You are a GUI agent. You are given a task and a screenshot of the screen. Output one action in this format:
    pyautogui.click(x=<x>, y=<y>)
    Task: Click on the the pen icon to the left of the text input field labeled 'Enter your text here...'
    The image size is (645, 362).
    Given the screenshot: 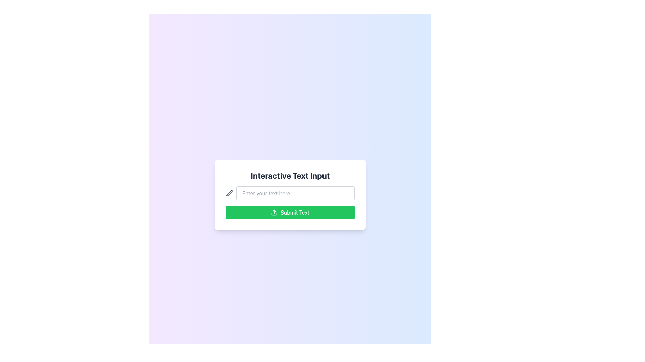 What is the action you would take?
    pyautogui.click(x=229, y=193)
    